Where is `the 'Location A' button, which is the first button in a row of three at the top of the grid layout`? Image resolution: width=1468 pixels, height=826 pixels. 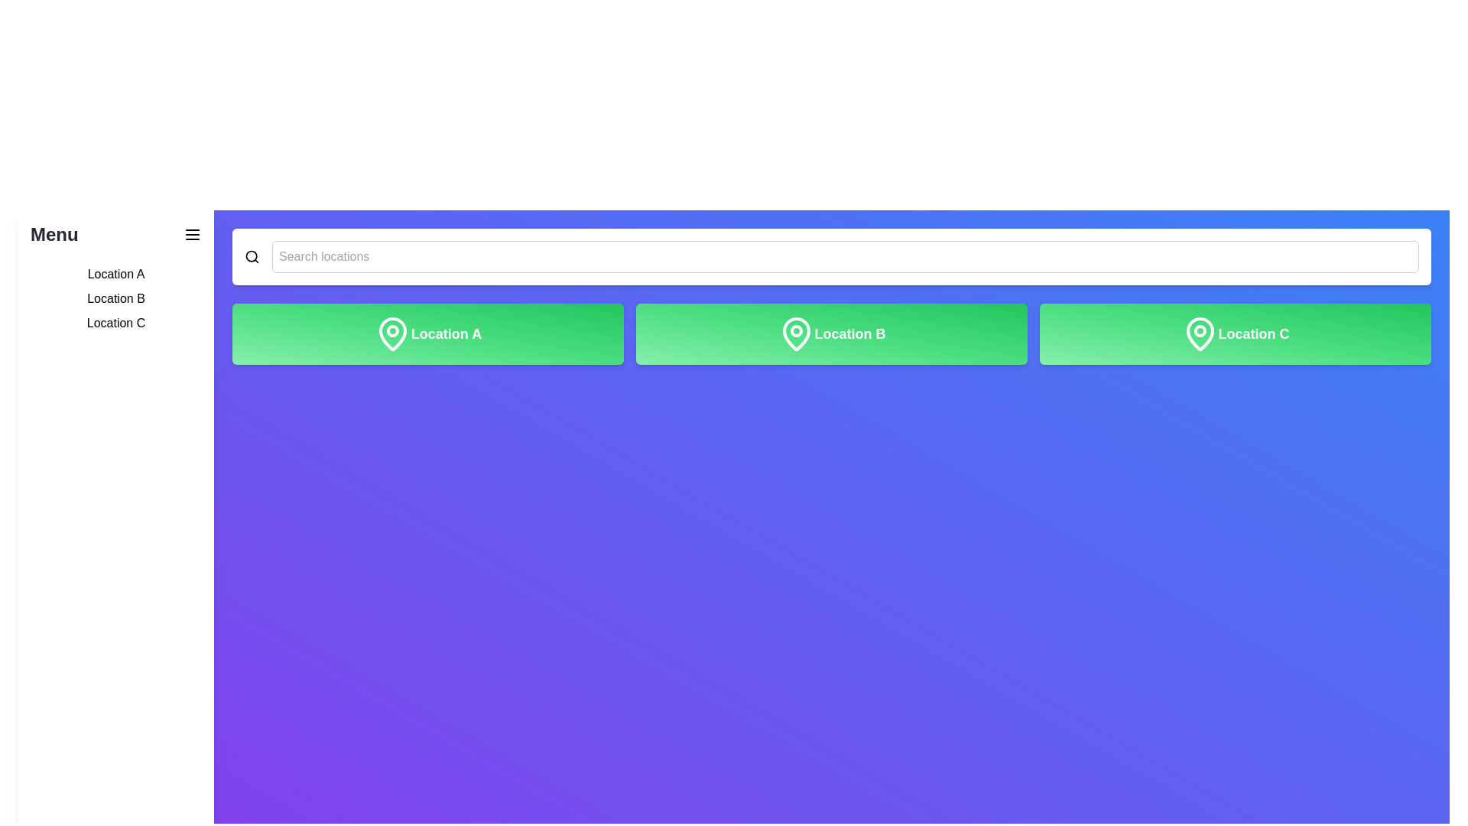 the 'Location A' button, which is the first button in a row of three at the top of the grid layout is located at coordinates (428, 333).